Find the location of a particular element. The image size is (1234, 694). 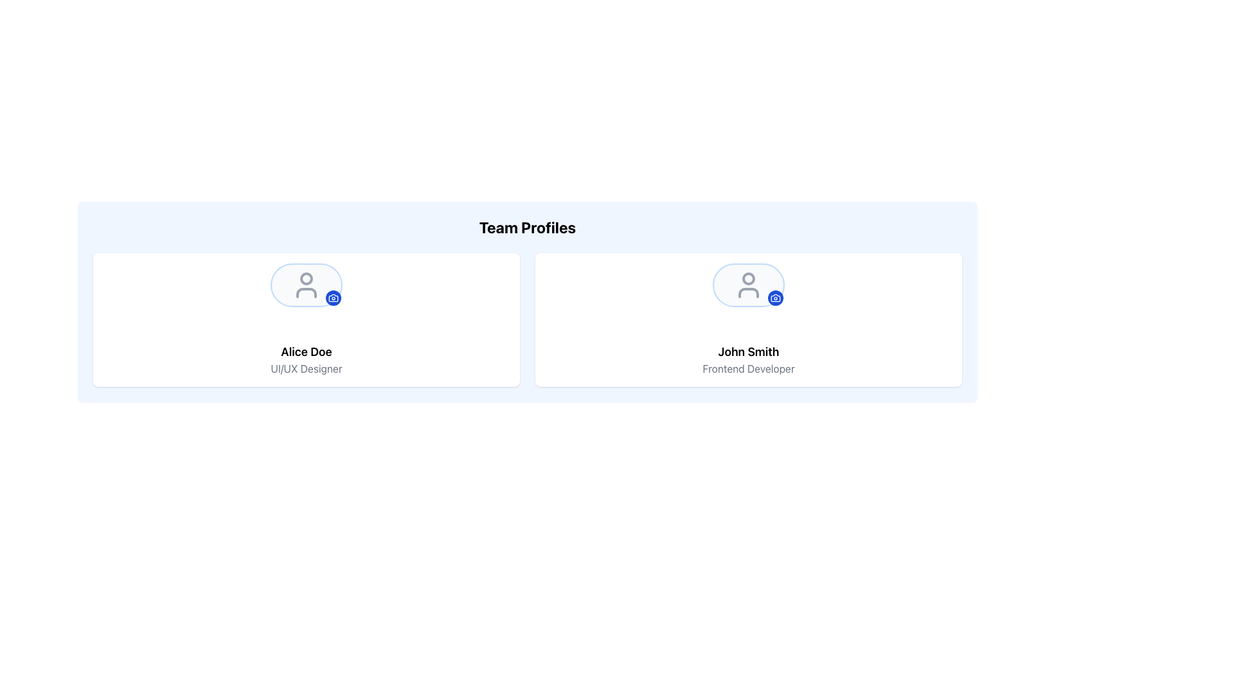

the text label that describes the role of 'Alice Doe', which is positioned directly below the name and aligned at the bottom-middle of the profile card is located at coordinates (305, 369).